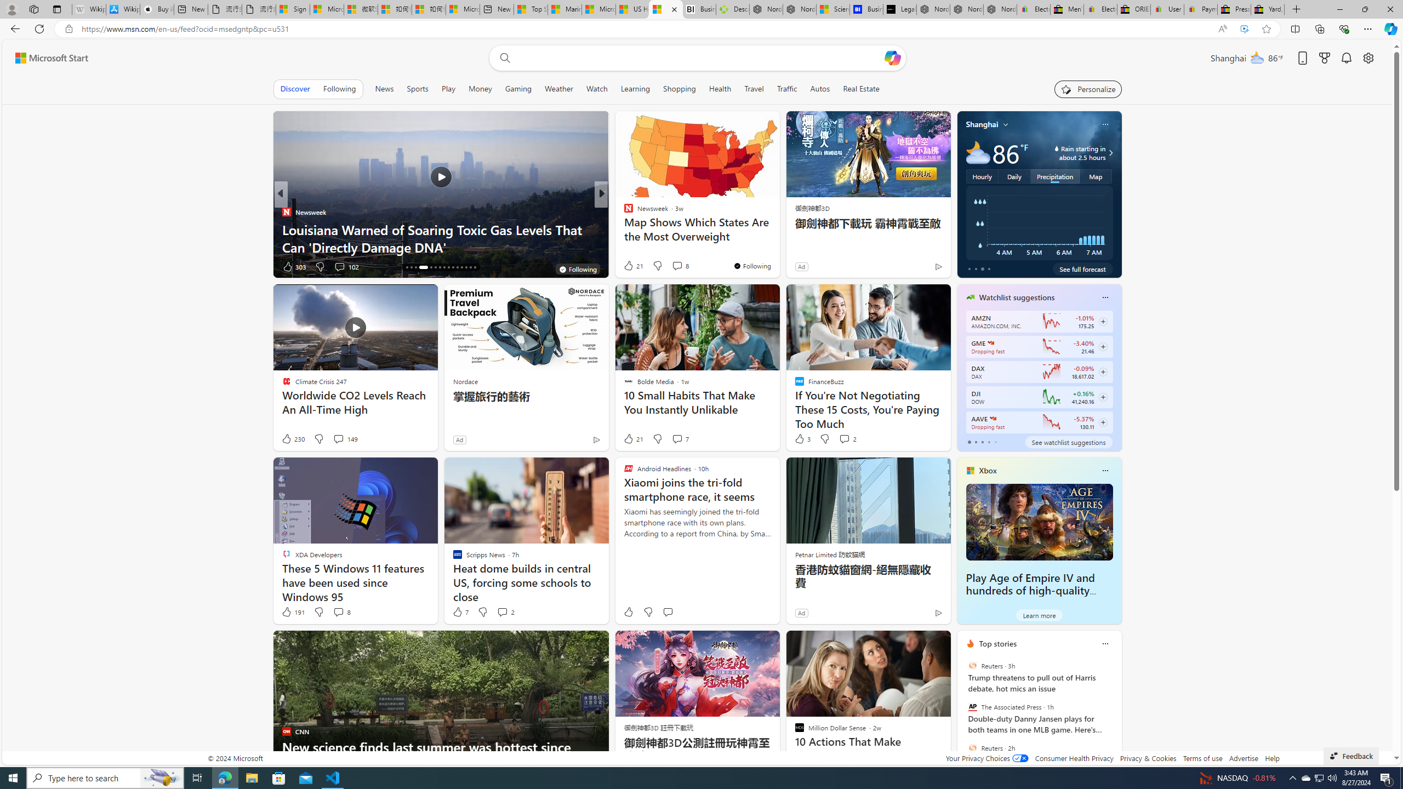  What do you see at coordinates (972, 707) in the screenshot?
I see `'The Associated Press'` at bounding box center [972, 707].